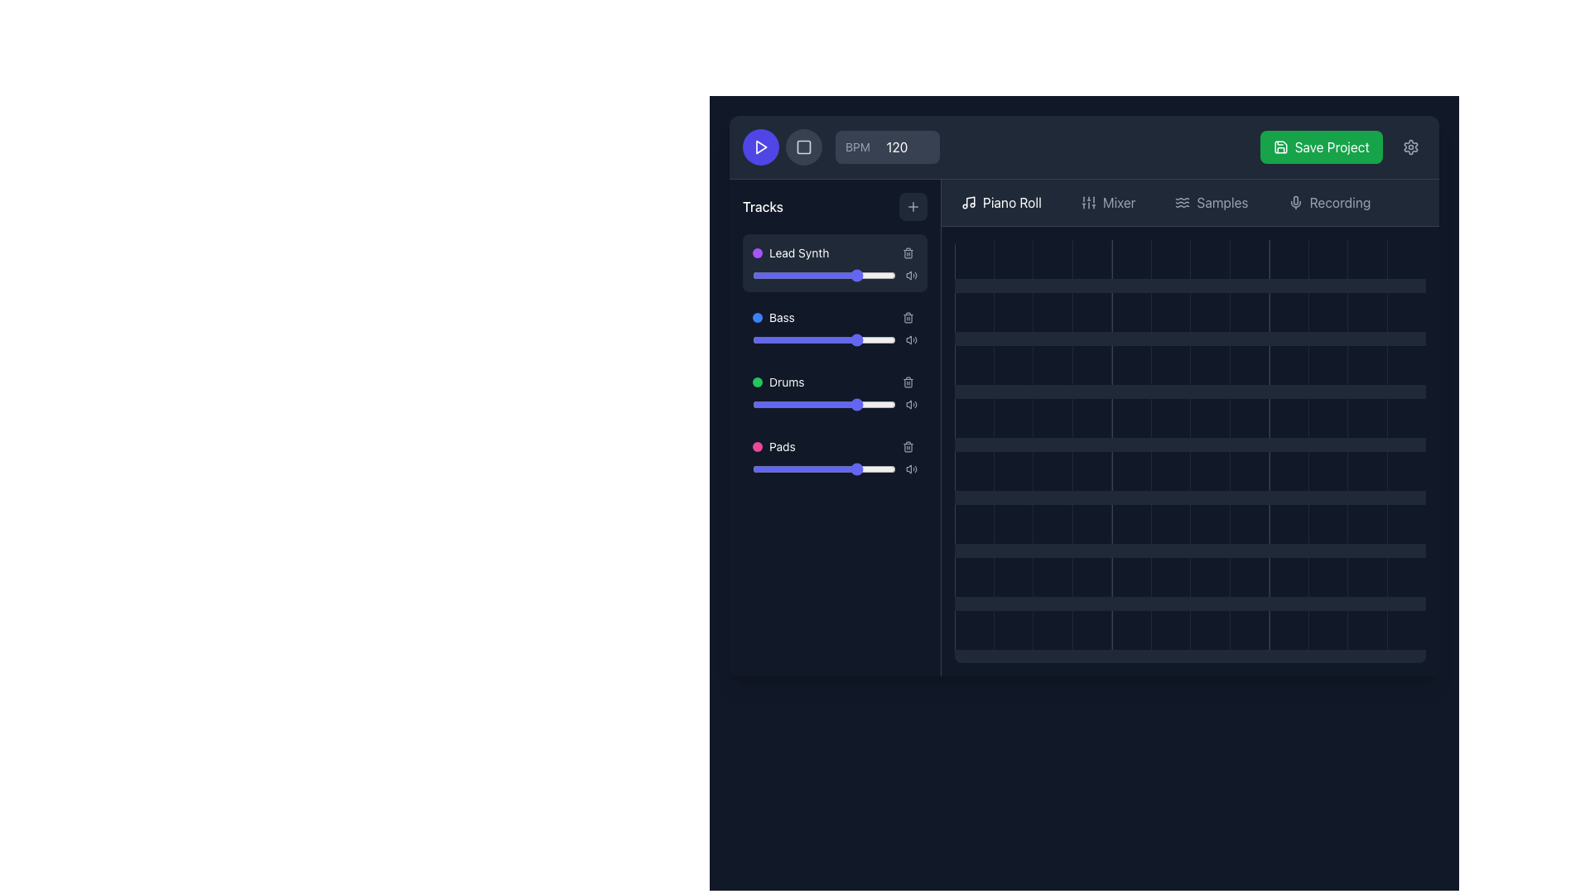 The image size is (1590, 894). What do you see at coordinates (840, 339) in the screenshot?
I see `the slider value` at bounding box center [840, 339].